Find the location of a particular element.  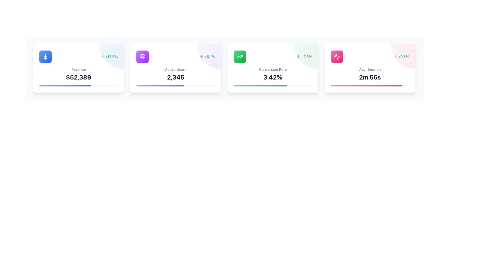

the 'Avg. Session' icon located in the top-left corner of the 'Avg. Session' card, which is the fourth card in a series of horizontally aligned information cards is located at coordinates (337, 56).